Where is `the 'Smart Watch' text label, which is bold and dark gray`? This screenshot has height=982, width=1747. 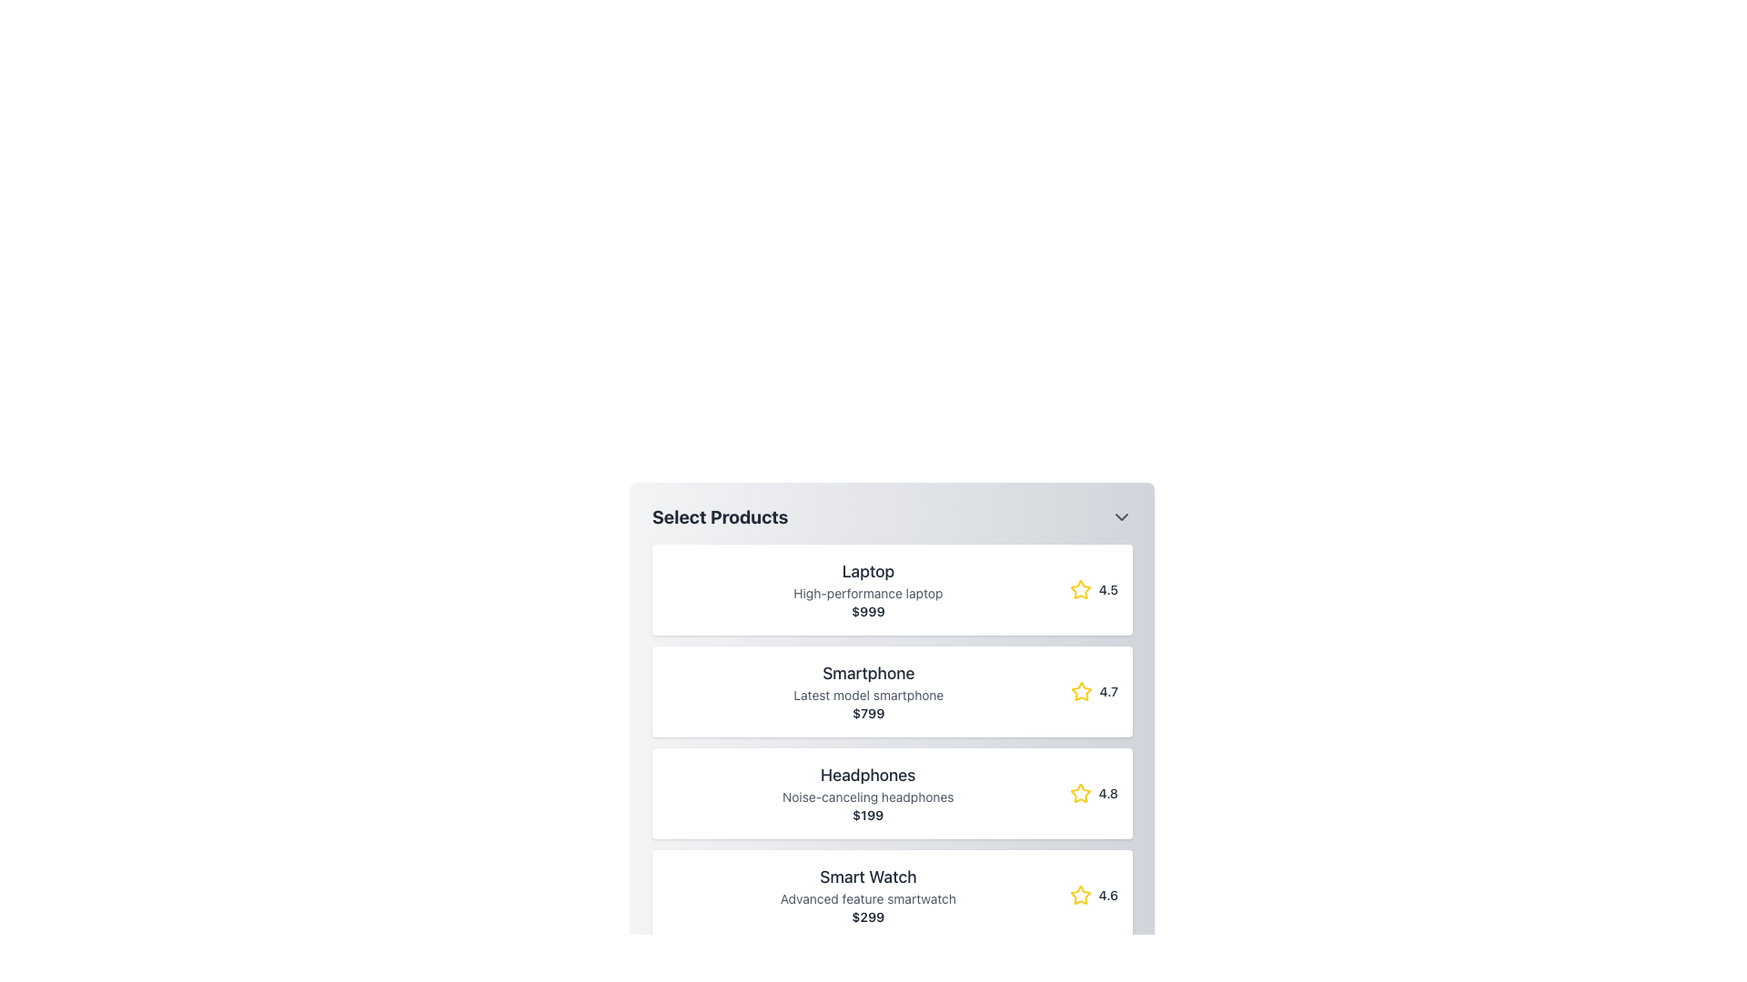 the 'Smart Watch' text label, which is bold and dark gray is located at coordinates (867, 876).